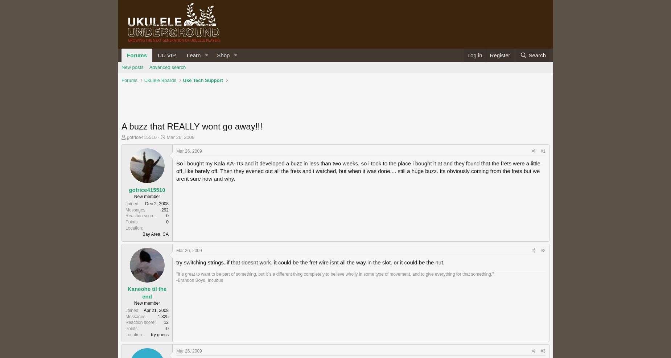  Describe the element at coordinates (199, 280) in the screenshot. I see `'-Brandon Boyd, Incubus'` at that location.